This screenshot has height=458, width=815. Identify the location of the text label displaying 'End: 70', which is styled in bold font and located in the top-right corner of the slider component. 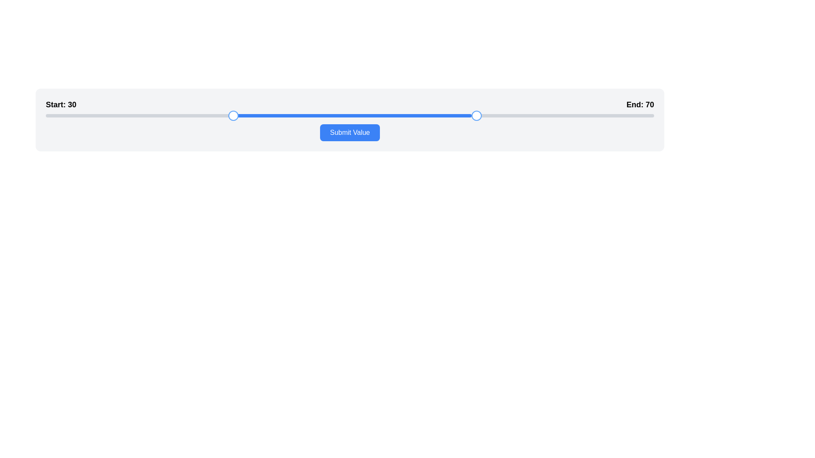
(640, 104).